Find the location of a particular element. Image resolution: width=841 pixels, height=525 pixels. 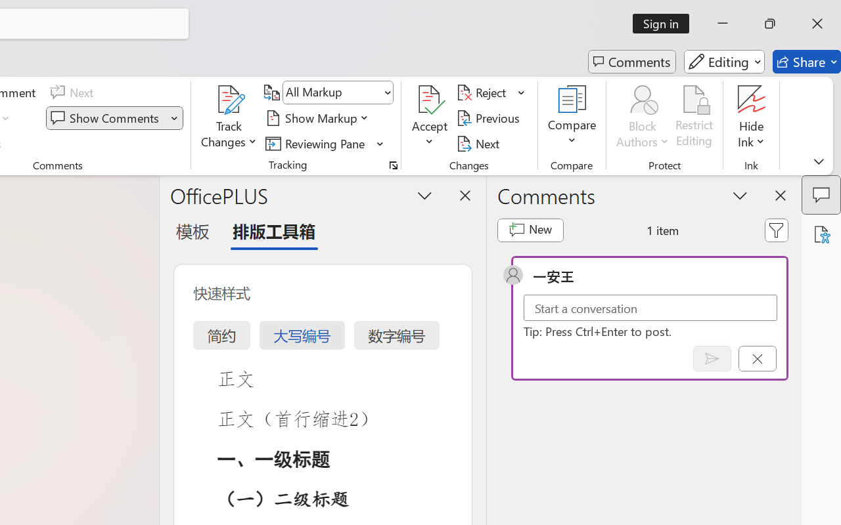

'Sign in' is located at coordinates (666, 23).